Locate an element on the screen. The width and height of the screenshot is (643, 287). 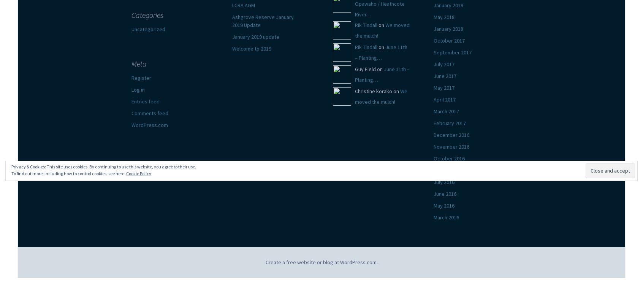
'LCRA AGM' is located at coordinates (231, 5).